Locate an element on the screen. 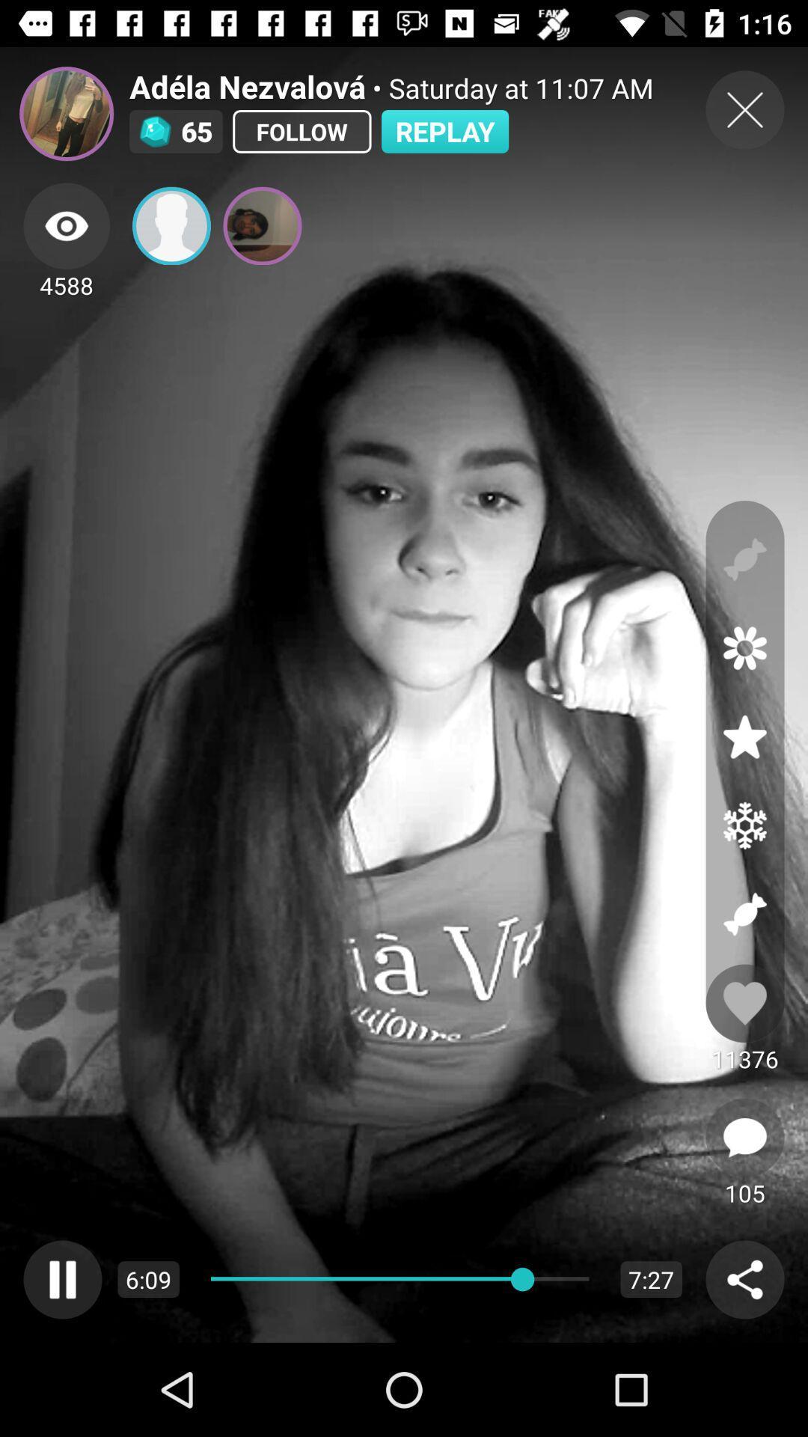 This screenshot has width=808, height=1437. close button is located at coordinates (744, 109).